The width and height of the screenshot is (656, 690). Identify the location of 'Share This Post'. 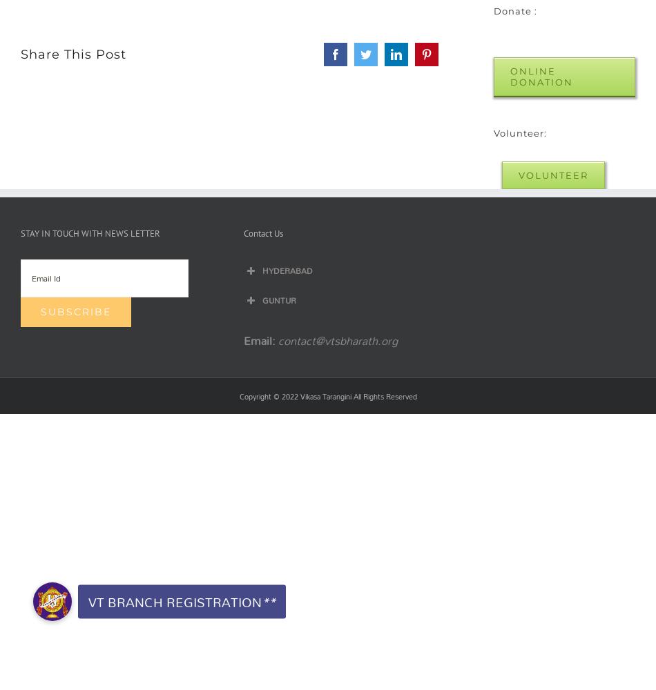
(73, 53).